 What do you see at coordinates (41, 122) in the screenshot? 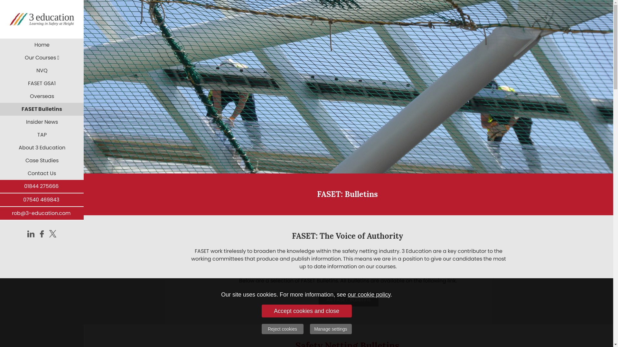
I see `'Insider News'` at bounding box center [41, 122].